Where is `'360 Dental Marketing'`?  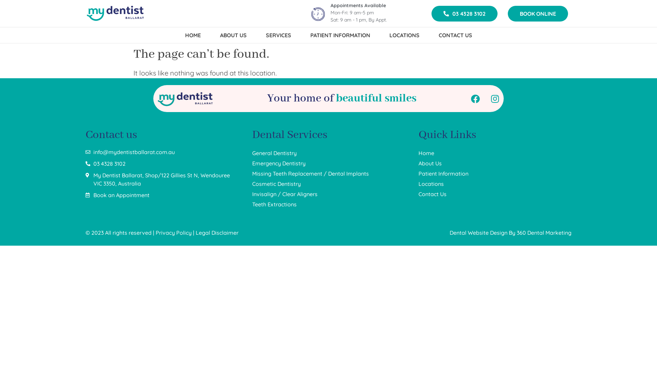
'360 Dental Marketing' is located at coordinates (543, 232).